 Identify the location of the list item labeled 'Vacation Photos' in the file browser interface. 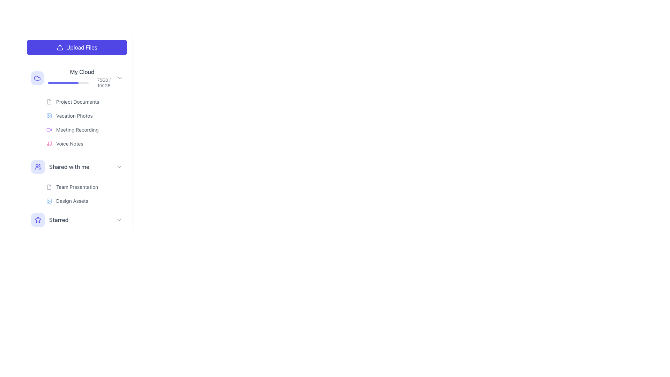
(85, 115).